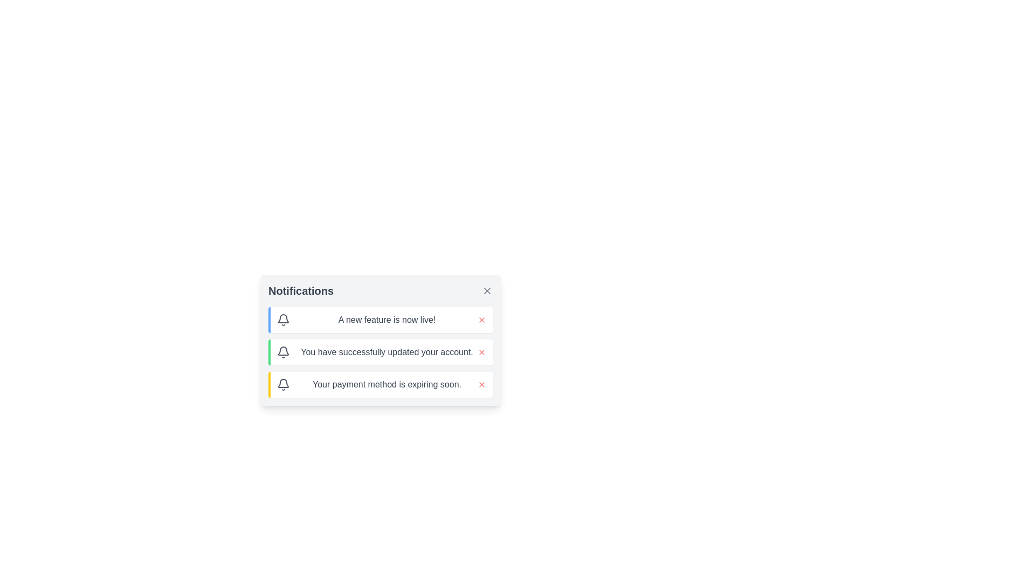 This screenshot has height=582, width=1035. I want to click on the notification displayed in the third notification card about an expiring payment method, so click(380, 384).